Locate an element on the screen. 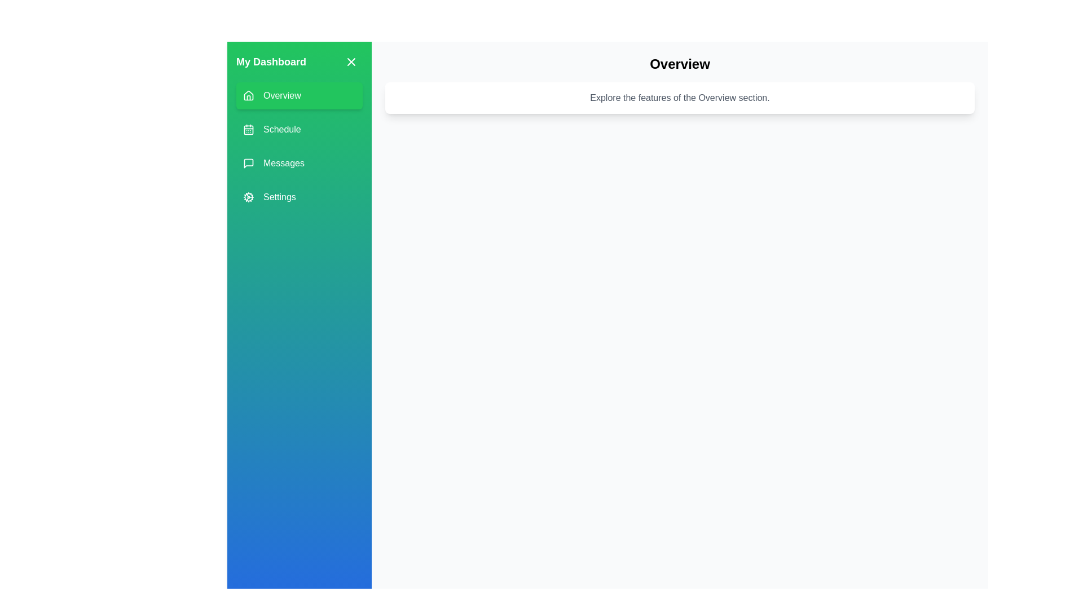  the menu item labeled Messages to change the active section is located at coordinates (300, 163).